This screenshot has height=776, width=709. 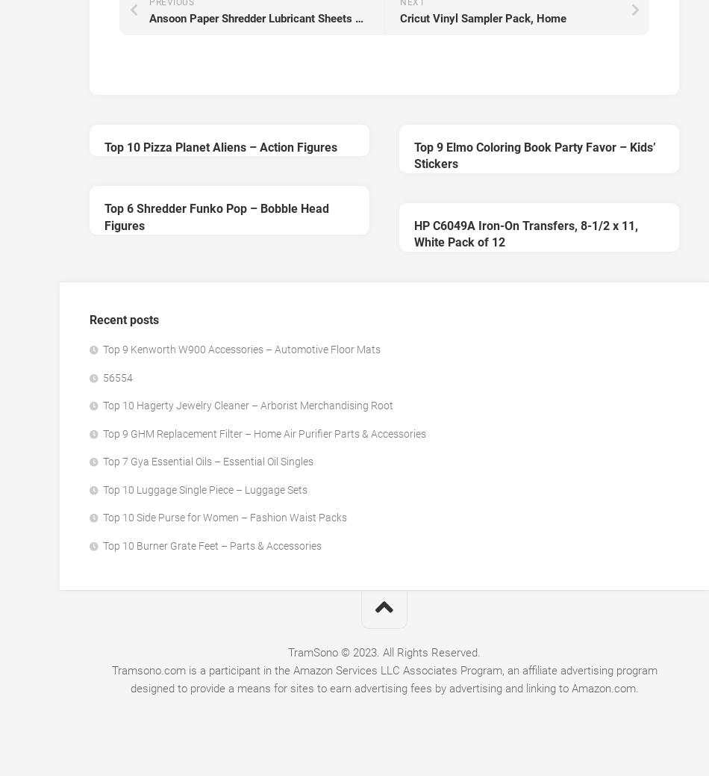 I want to click on 'HP C6049A Iron-On Transfers, 8-1/2 x 11, White Pack of 12', so click(x=413, y=234).